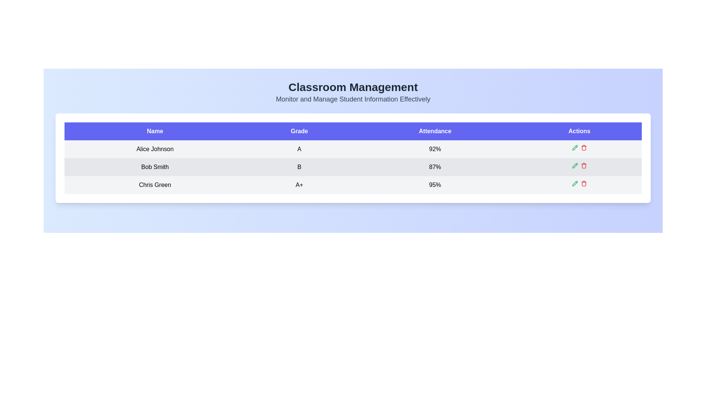 The height and width of the screenshot is (403, 716). I want to click on the text label displaying 'Alice Johnson' in black on a light gray background, located in the first row under the 'Name' column of the table, so click(154, 149).